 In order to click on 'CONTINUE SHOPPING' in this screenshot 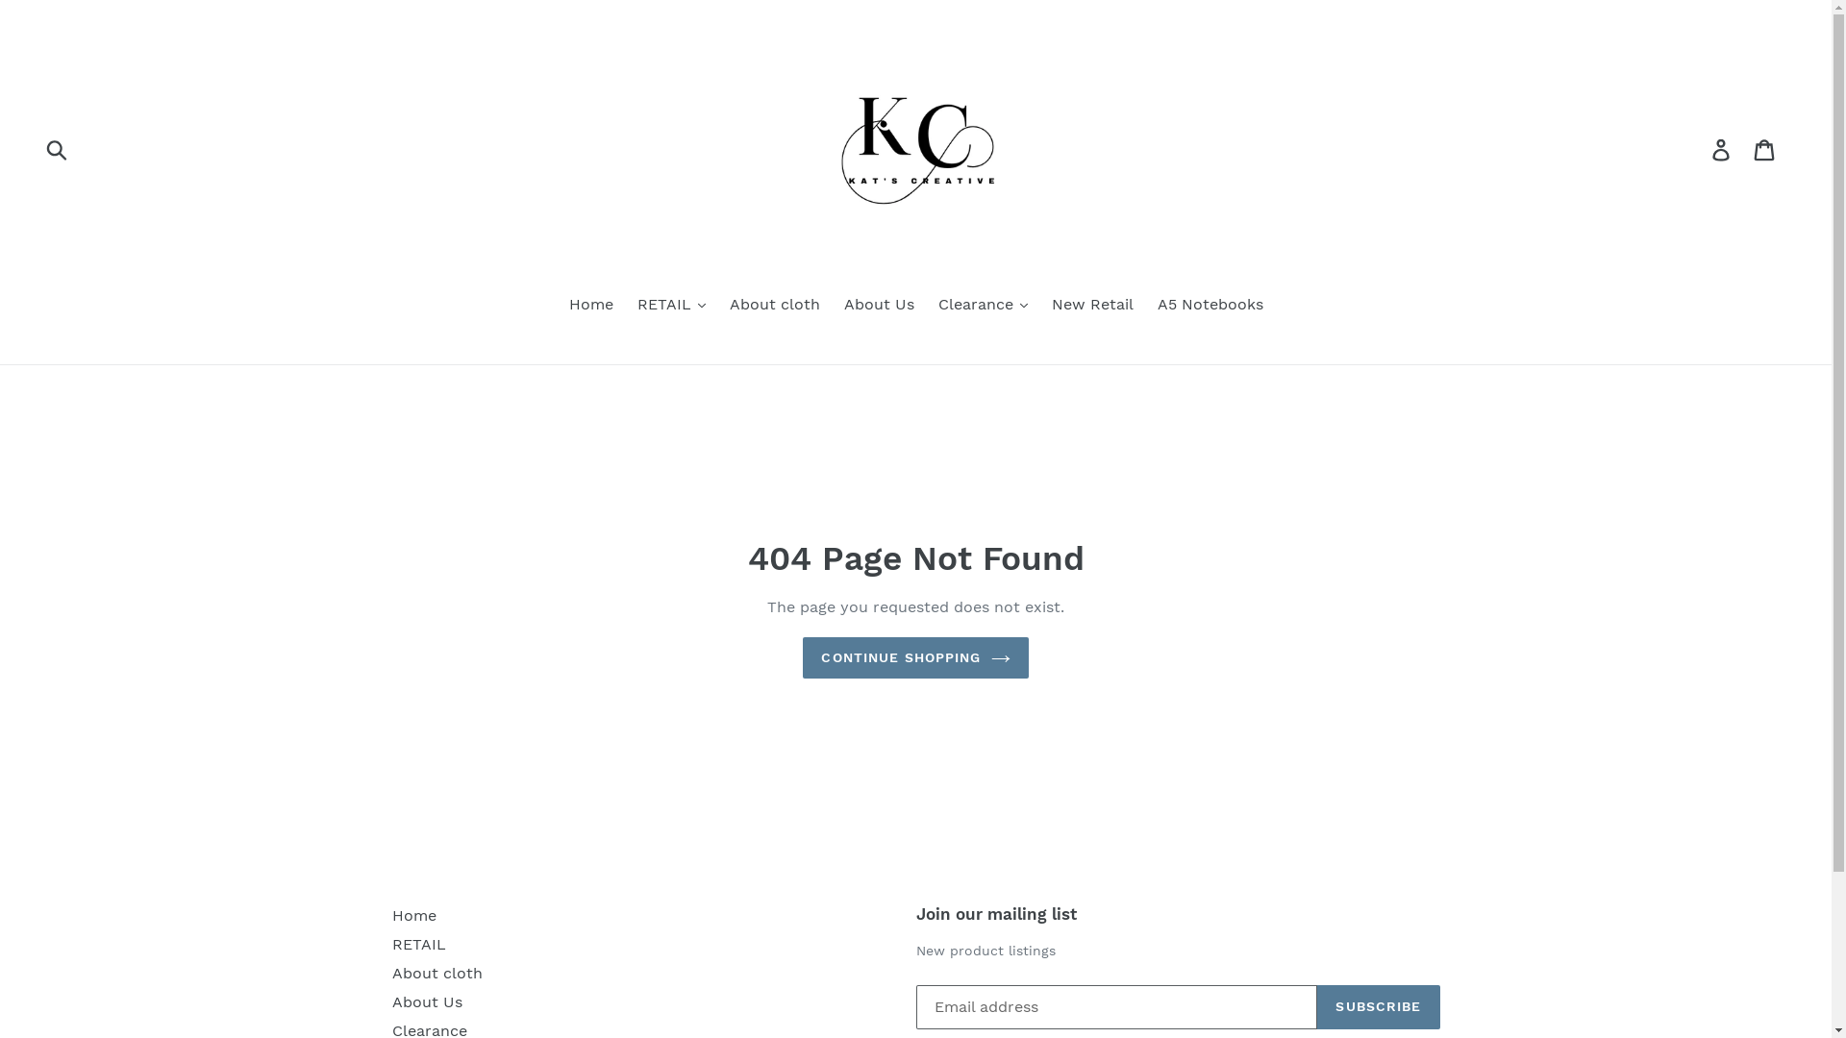, I will do `click(803, 656)`.